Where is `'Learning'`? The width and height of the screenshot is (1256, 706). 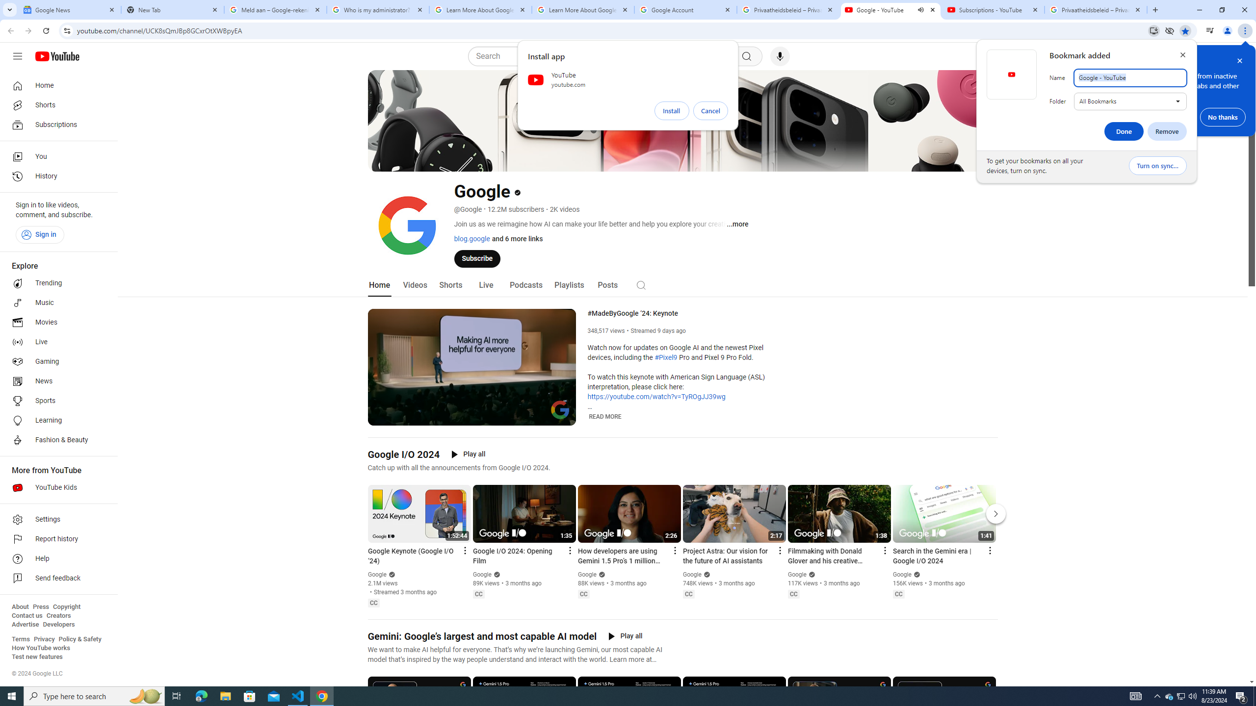 'Learning' is located at coordinates (55, 420).